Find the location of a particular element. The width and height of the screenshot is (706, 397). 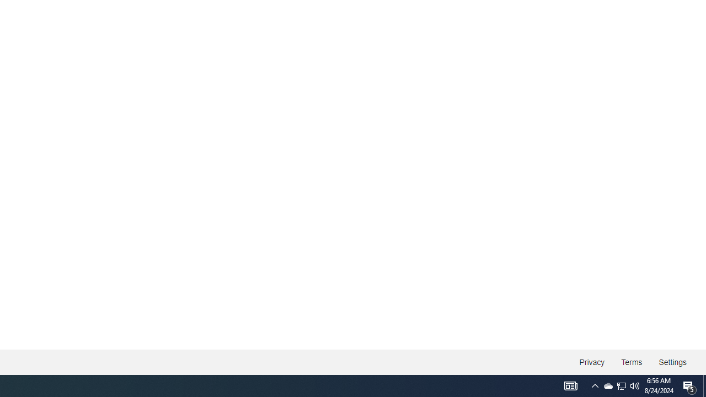

'Privacy' is located at coordinates (591, 362).